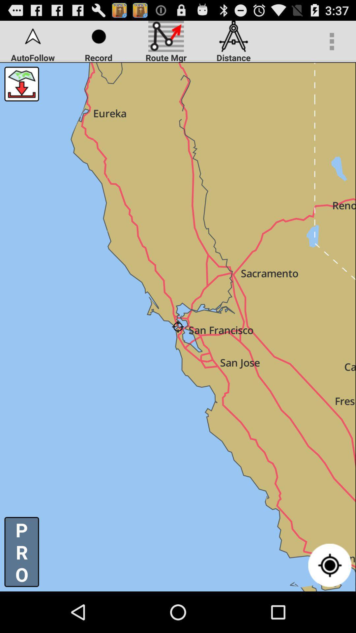 This screenshot has height=633, width=356. Describe the element at coordinates (332, 41) in the screenshot. I see `the icon at the top right corner` at that location.